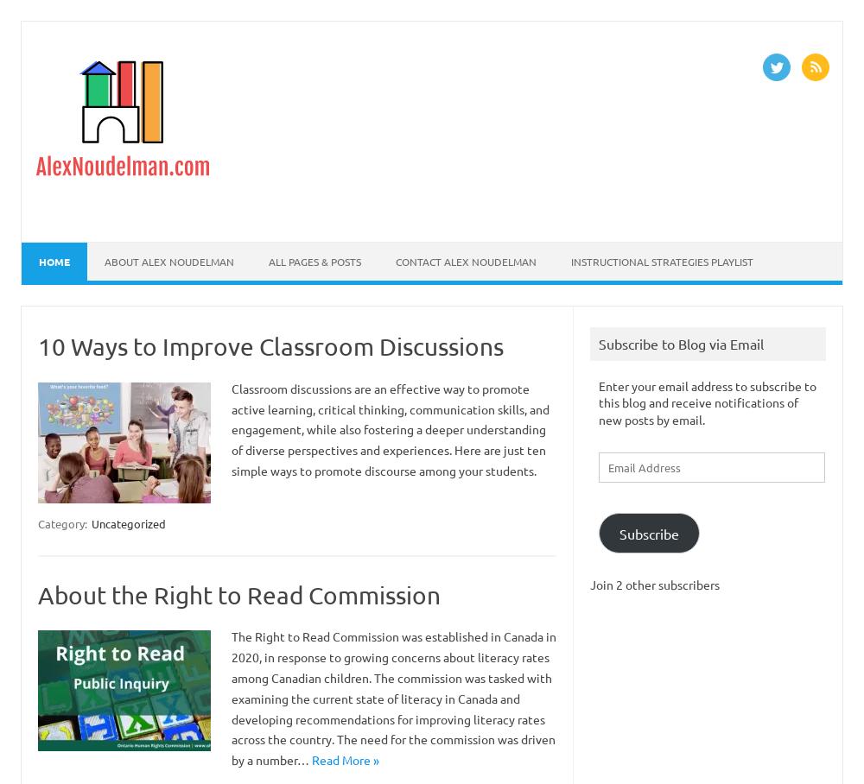 The height and width of the screenshot is (784, 864). What do you see at coordinates (346, 760) in the screenshot?
I see `'Read More »'` at bounding box center [346, 760].